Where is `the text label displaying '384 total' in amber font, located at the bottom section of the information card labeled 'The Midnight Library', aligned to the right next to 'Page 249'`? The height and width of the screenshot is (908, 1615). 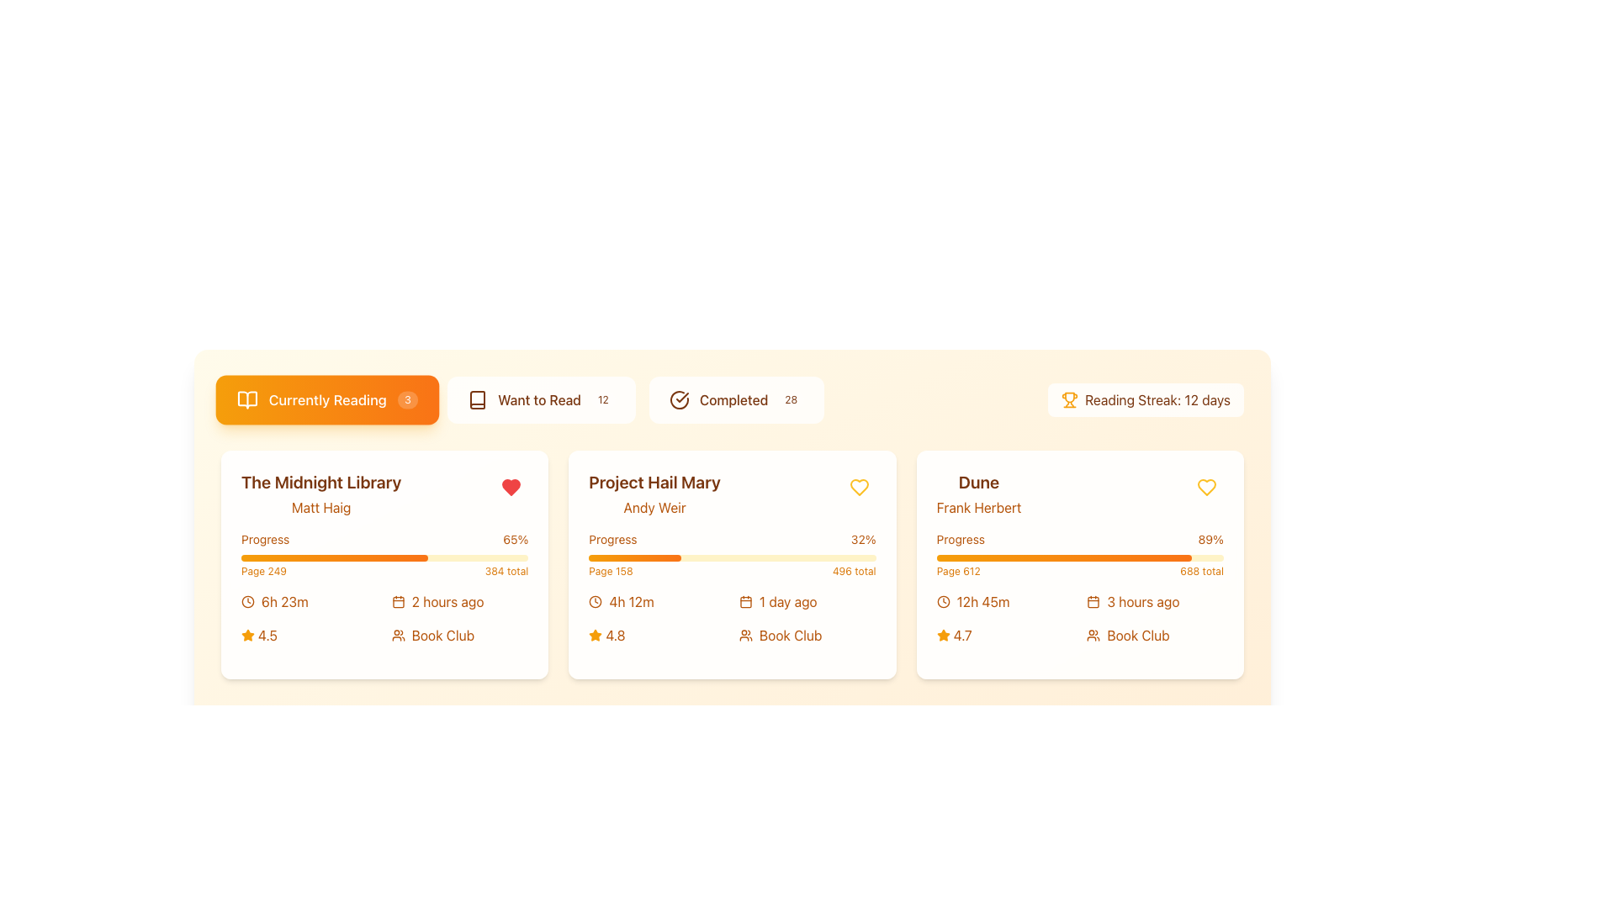
the text label displaying '384 total' in amber font, located at the bottom section of the information card labeled 'The Midnight Library', aligned to the right next to 'Page 249' is located at coordinates (506, 570).